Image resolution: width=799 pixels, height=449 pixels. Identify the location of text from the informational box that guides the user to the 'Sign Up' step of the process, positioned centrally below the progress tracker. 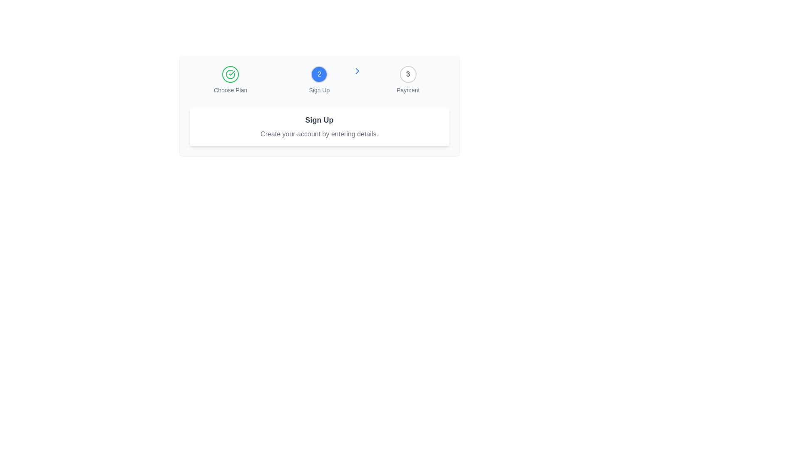
(319, 126).